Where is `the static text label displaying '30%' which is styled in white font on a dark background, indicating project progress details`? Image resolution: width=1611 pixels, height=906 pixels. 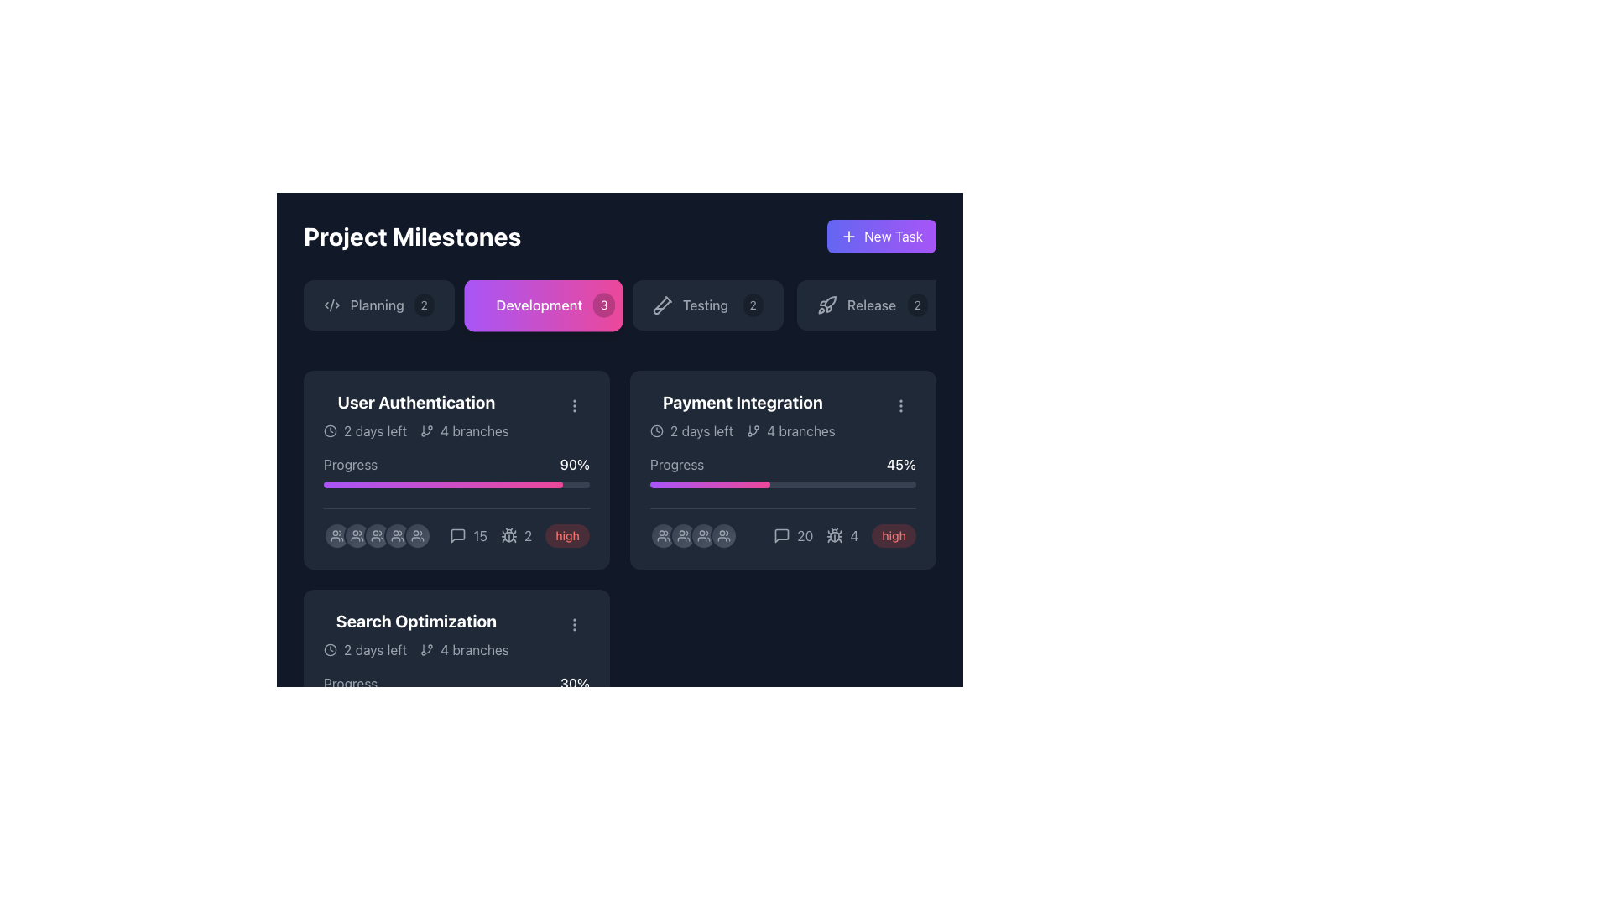 the static text label displaying '30%' which is styled in white font on a dark background, indicating project progress details is located at coordinates (575, 683).